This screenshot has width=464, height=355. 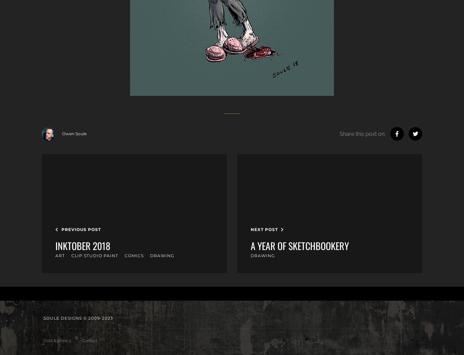 What do you see at coordinates (265, 229) in the screenshot?
I see `'Next Post'` at bounding box center [265, 229].